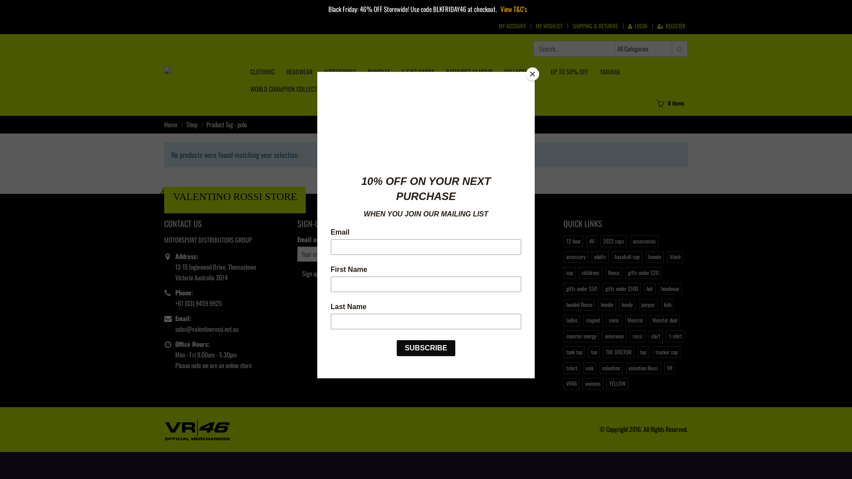 The image size is (852, 479). What do you see at coordinates (644, 241) in the screenshot?
I see `'accessories'` at bounding box center [644, 241].